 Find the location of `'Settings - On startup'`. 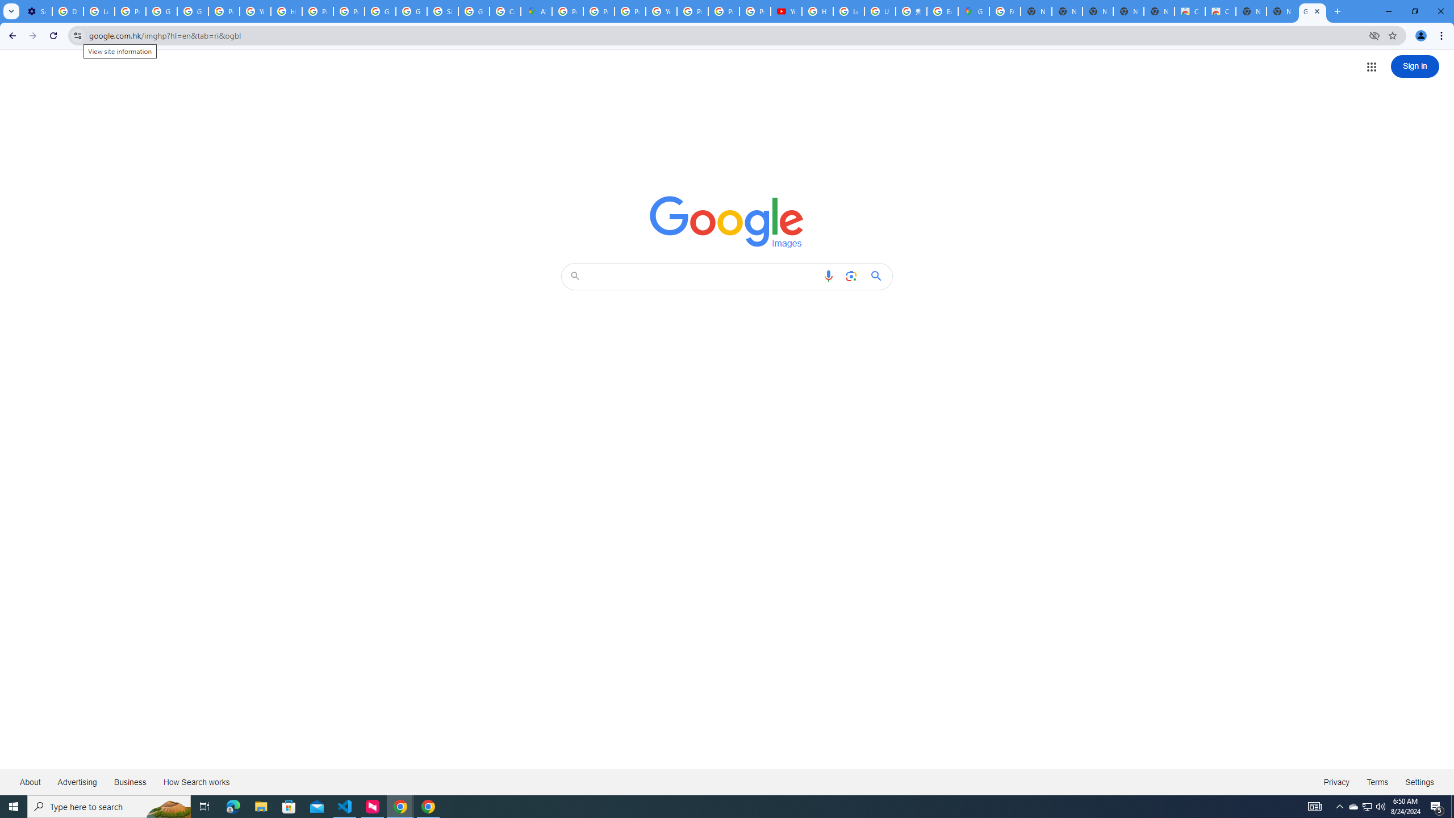

'Settings - On startup' is located at coordinates (36, 11).